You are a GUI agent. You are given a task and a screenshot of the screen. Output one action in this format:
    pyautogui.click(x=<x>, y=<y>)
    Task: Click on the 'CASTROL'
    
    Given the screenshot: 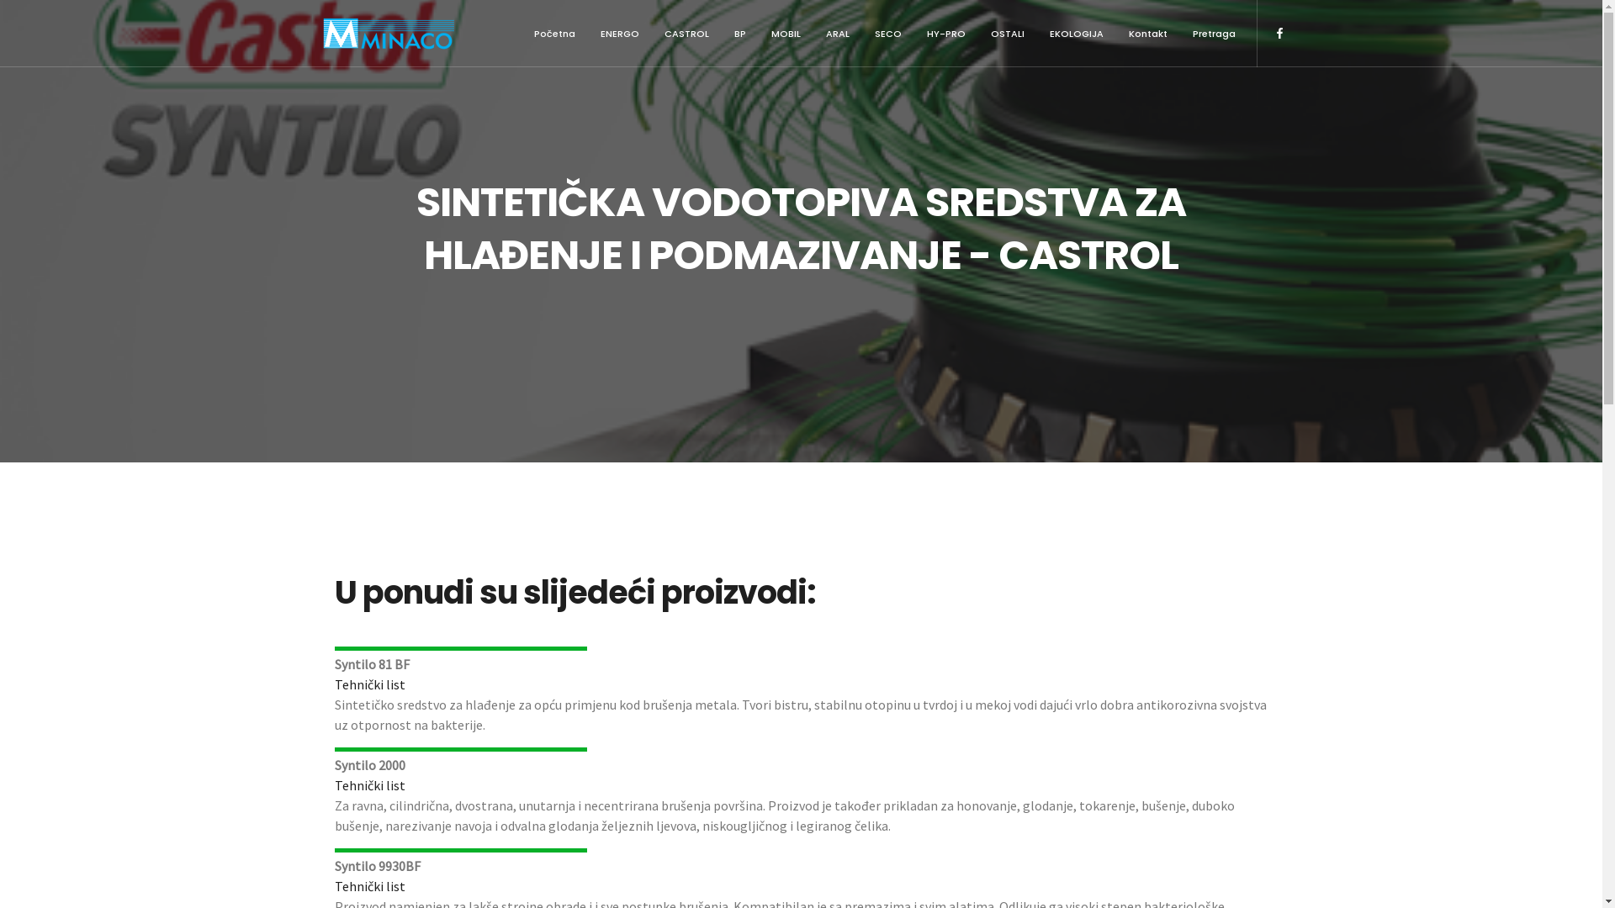 What is the action you would take?
    pyautogui.click(x=686, y=33)
    